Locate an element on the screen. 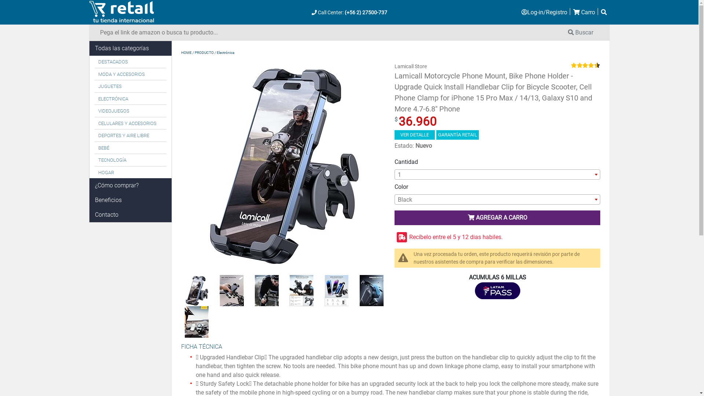 This screenshot has width=704, height=396. 'HOGAR' is located at coordinates (131, 172).